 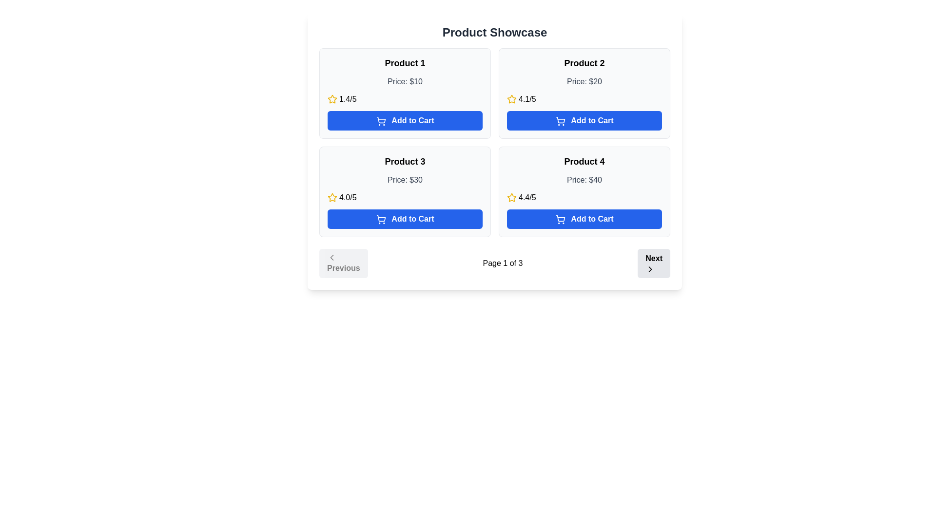 What do you see at coordinates (585, 120) in the screenshot?
I see `the blue 'Add to Cart' button with a shopping cart icon located beneath the rating of 'Product 2'` at bounding box center [585, 120].